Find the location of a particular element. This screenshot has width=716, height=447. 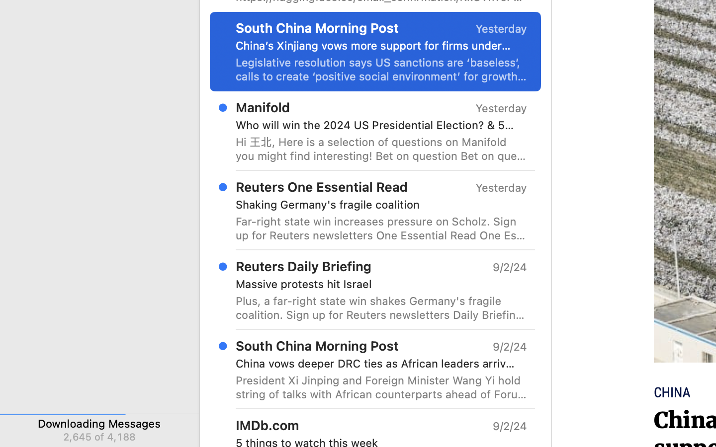

'Shaking Germany' is located at coordinates (377, 205).